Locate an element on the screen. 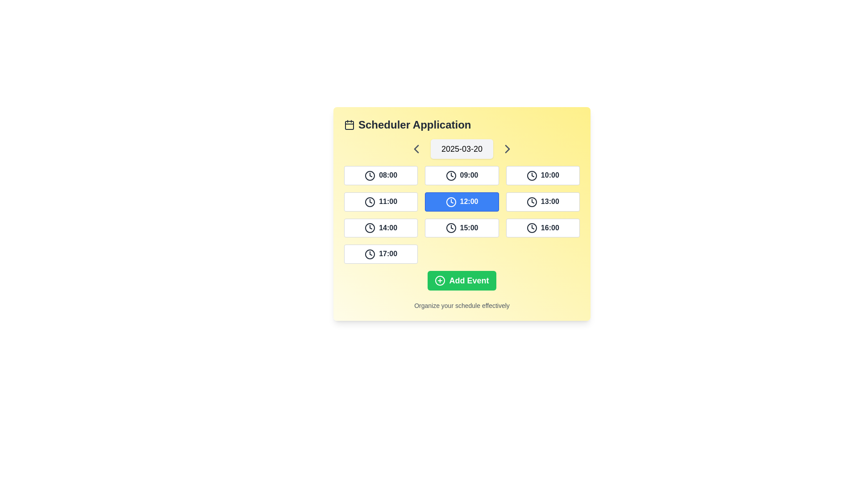  the circular icon within the clock icon located in the '10:00' time slot of the scheduler grid is located at coordinates (532, 175).